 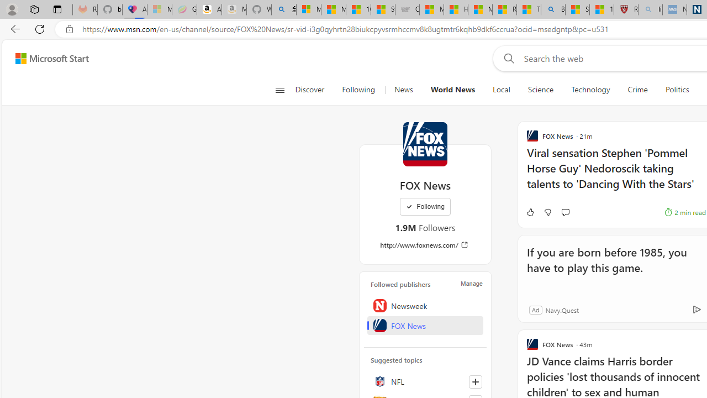 I want to click on 'Navy.Quest', so click(x=562, y=310).